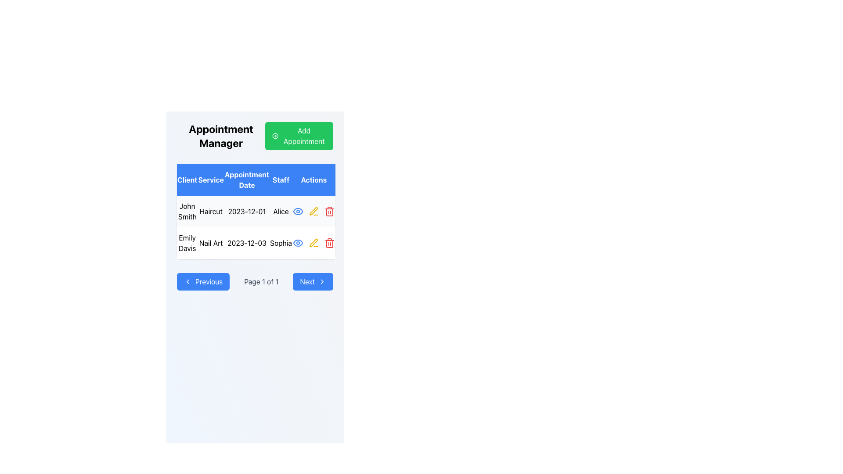 The image size is (843, 474). Describe the element at coordinates (329, 212) in the screenshot. I see `the red trash can-shaped icon in the 'Actions' column of the second row of the table to trigger the hover effect` at that location.